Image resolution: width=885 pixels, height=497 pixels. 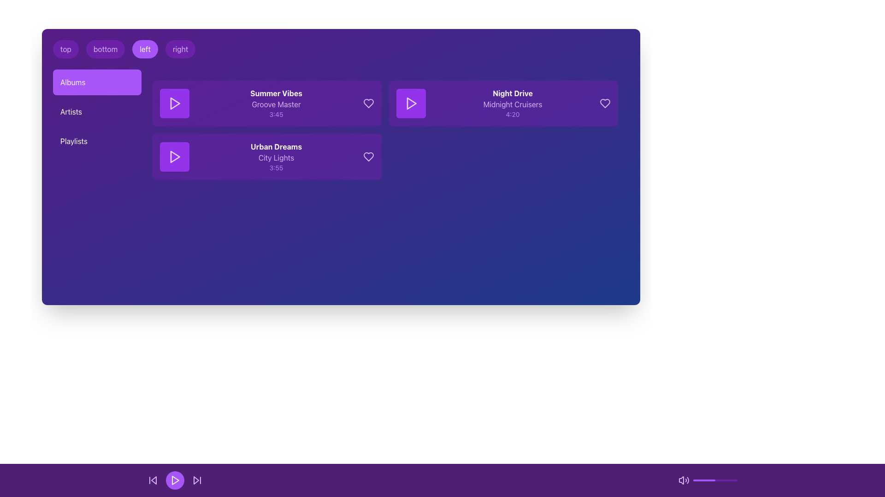 I want to click on the heart-shaped icon for the song 'Night Drive' by 'Midnight Cruisers', so click(x=605, y=103).